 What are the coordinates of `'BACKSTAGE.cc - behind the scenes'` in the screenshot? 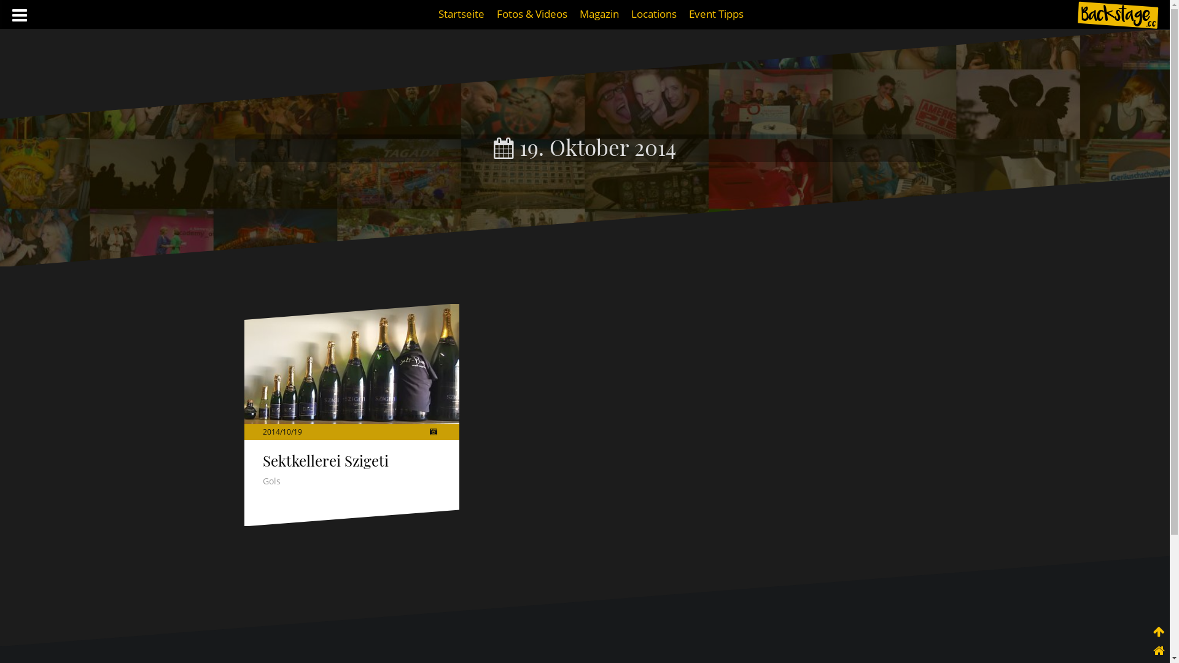 It's located at (1117, 15).